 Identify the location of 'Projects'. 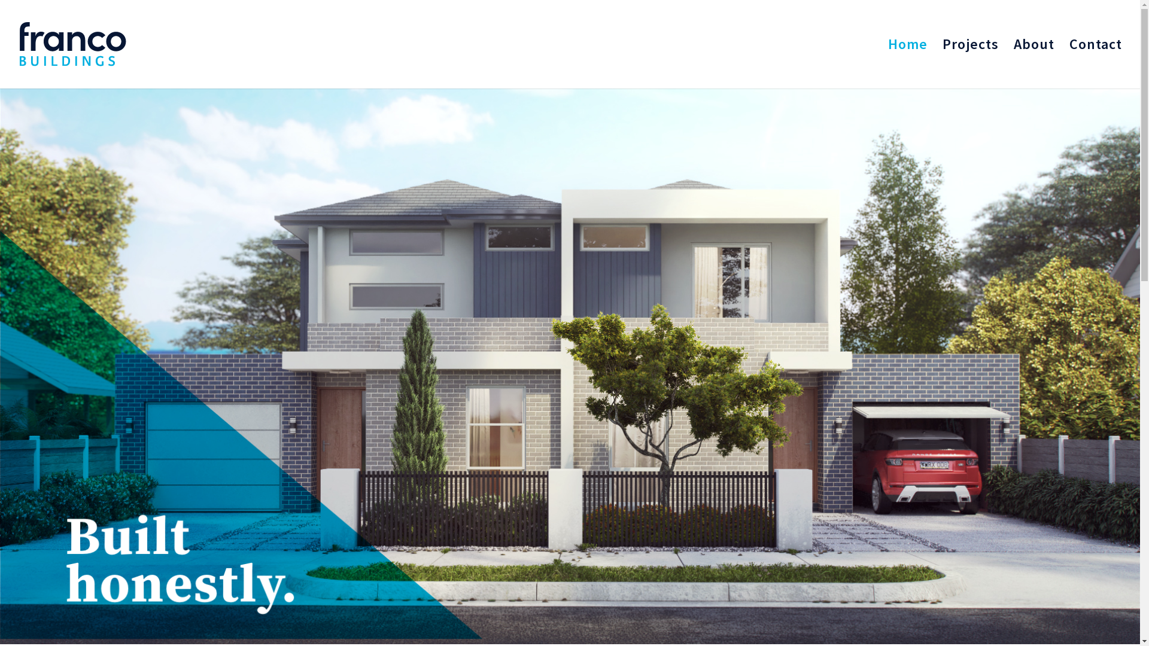
(941, 64).